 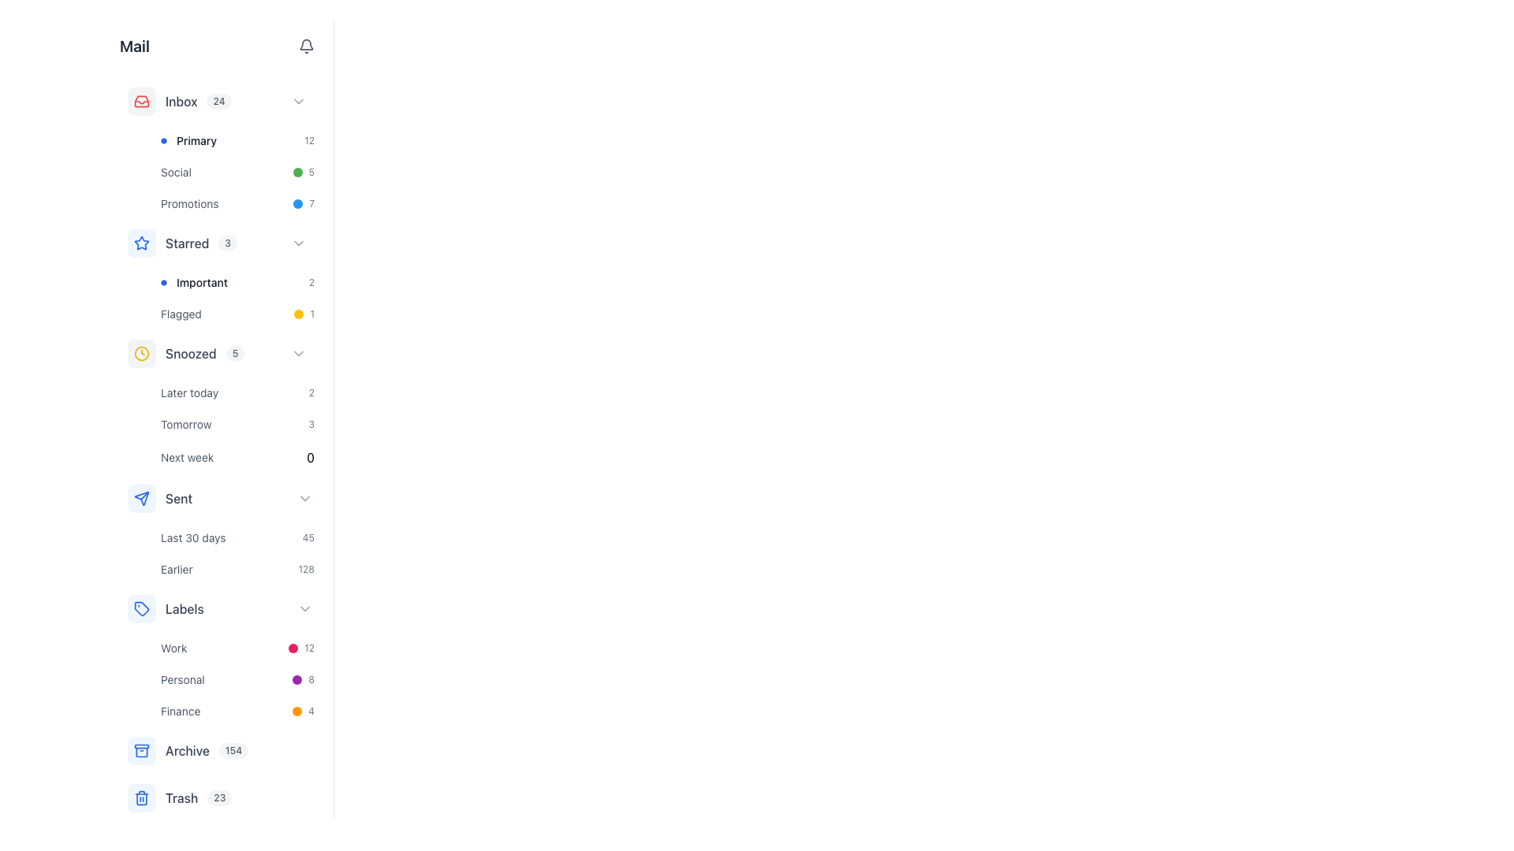 I want to click on the 'Starred' text label within the vertical navigation menu, which is positioned under the 'Inbox' section, so click(x=187, y=243).